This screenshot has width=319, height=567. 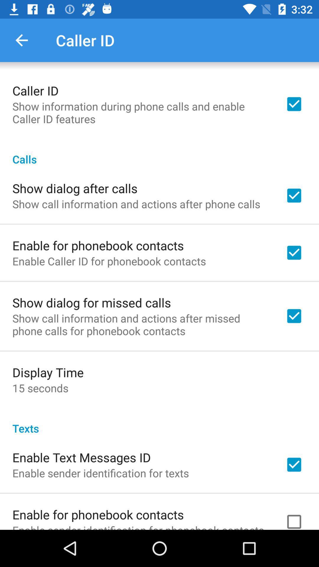 What do you see at coordinates (82, 457) in the screenshot?
I see `the item above the enable sender identification icon` at bounding box center [82, 457].